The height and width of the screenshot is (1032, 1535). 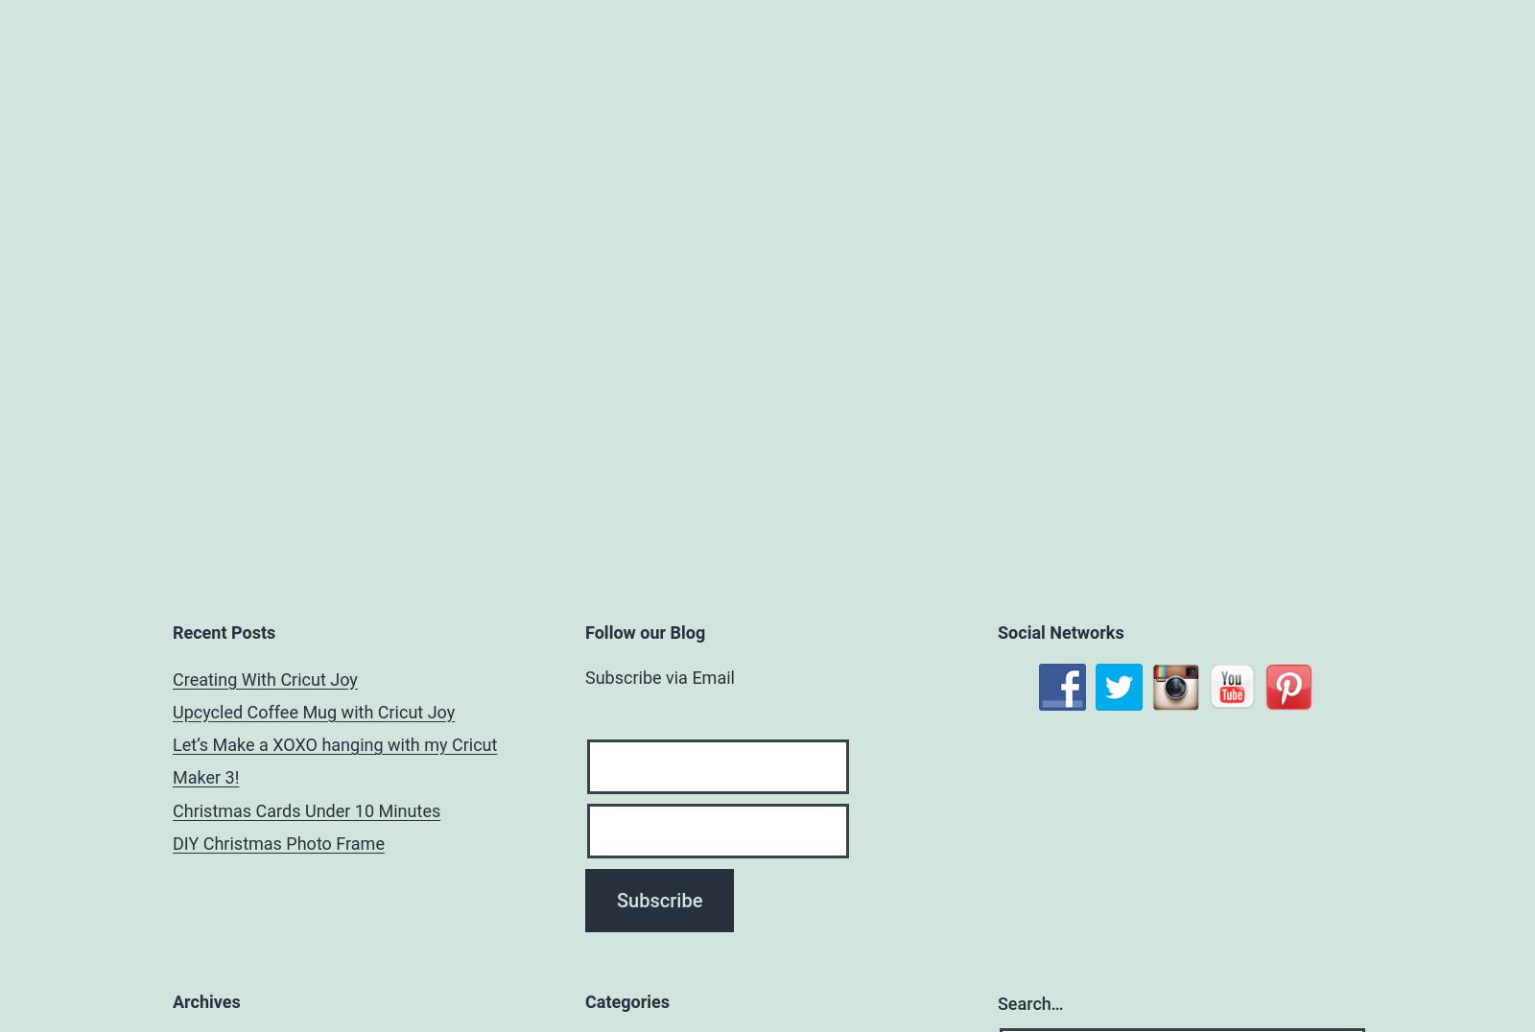 I want to click on 'Subscribe via Email', so click(x=659, y=676).